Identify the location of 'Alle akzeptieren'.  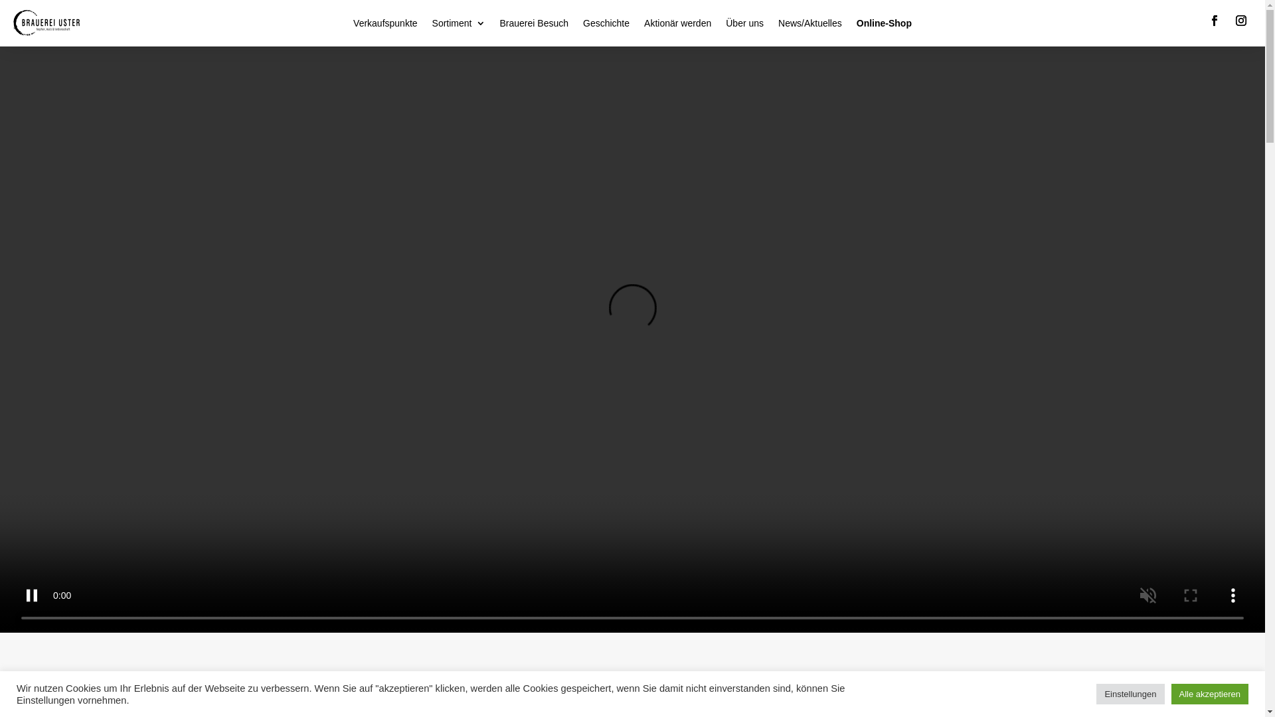
(1171, 693).